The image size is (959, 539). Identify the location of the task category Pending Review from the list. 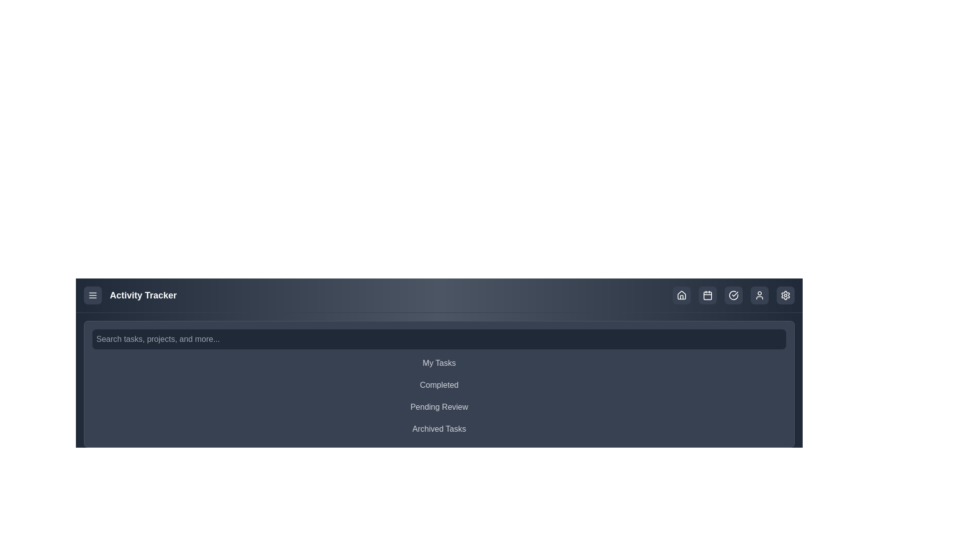
(439, 407).